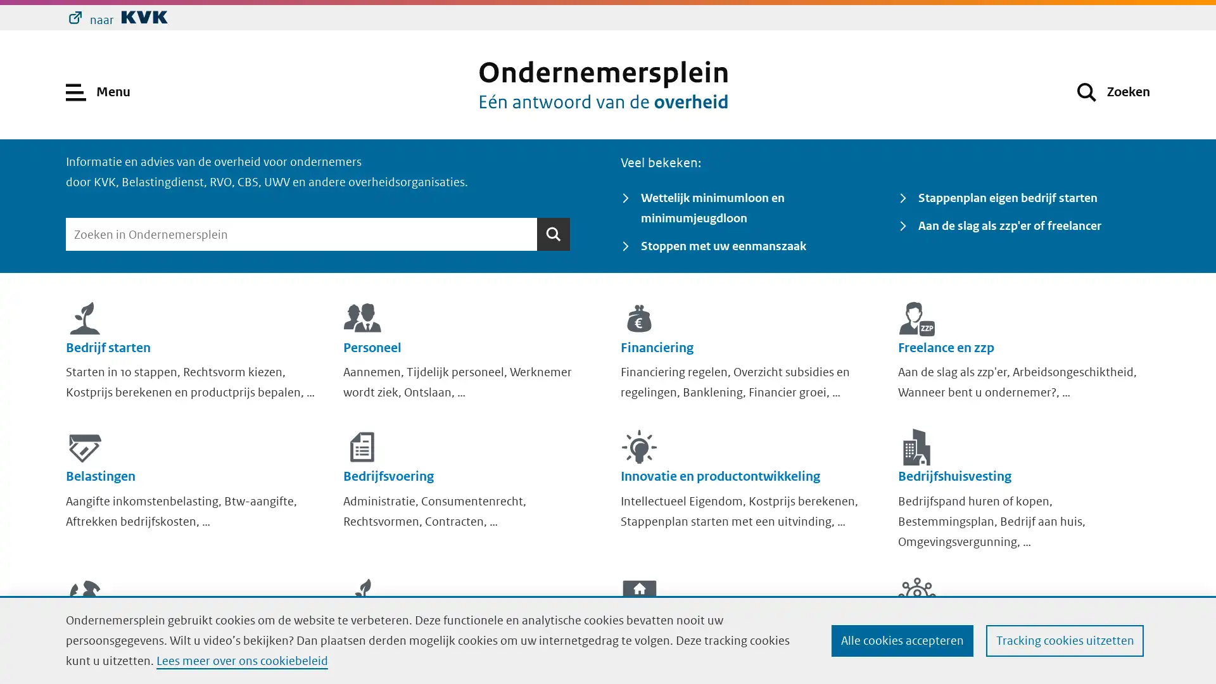 Image resolution: width=1216 pixels, height=684 pixels. What do you see at coordinates (553, 234) in the screenshot?
I see `Zoeken Zoeken` at bounding box center [553, 234].